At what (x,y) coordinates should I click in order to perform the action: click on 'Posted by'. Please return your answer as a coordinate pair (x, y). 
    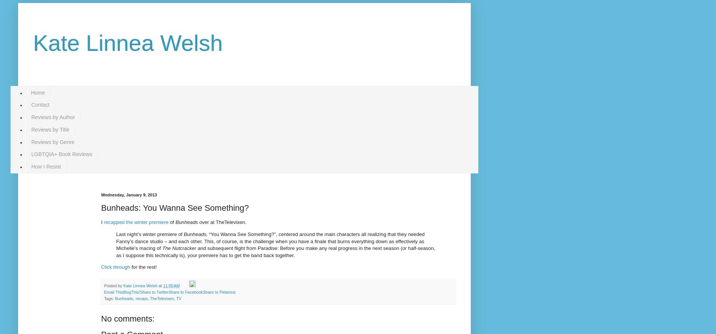
    Looking at the image, I should click on (113, 285).